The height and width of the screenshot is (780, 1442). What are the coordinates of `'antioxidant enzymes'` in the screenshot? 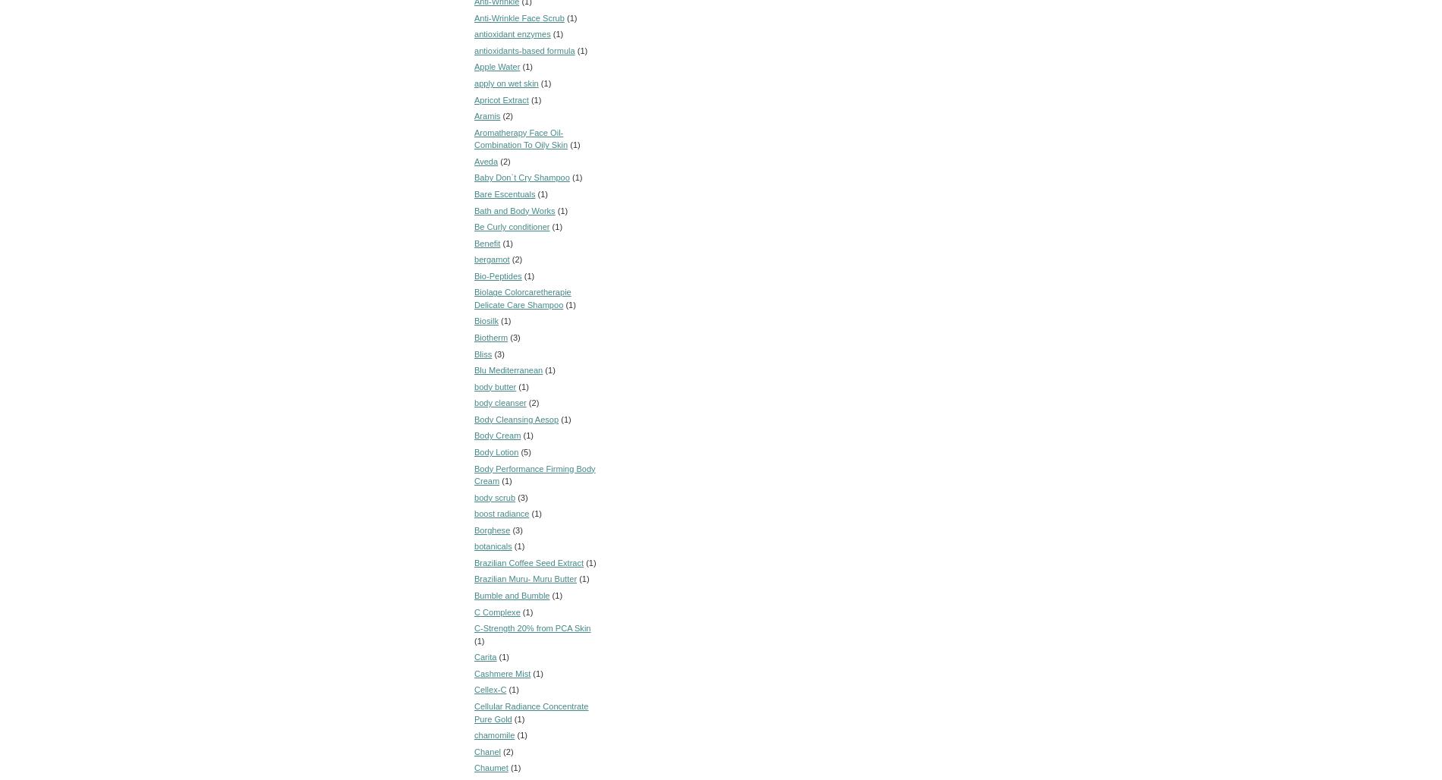 It's located at (512, 34).